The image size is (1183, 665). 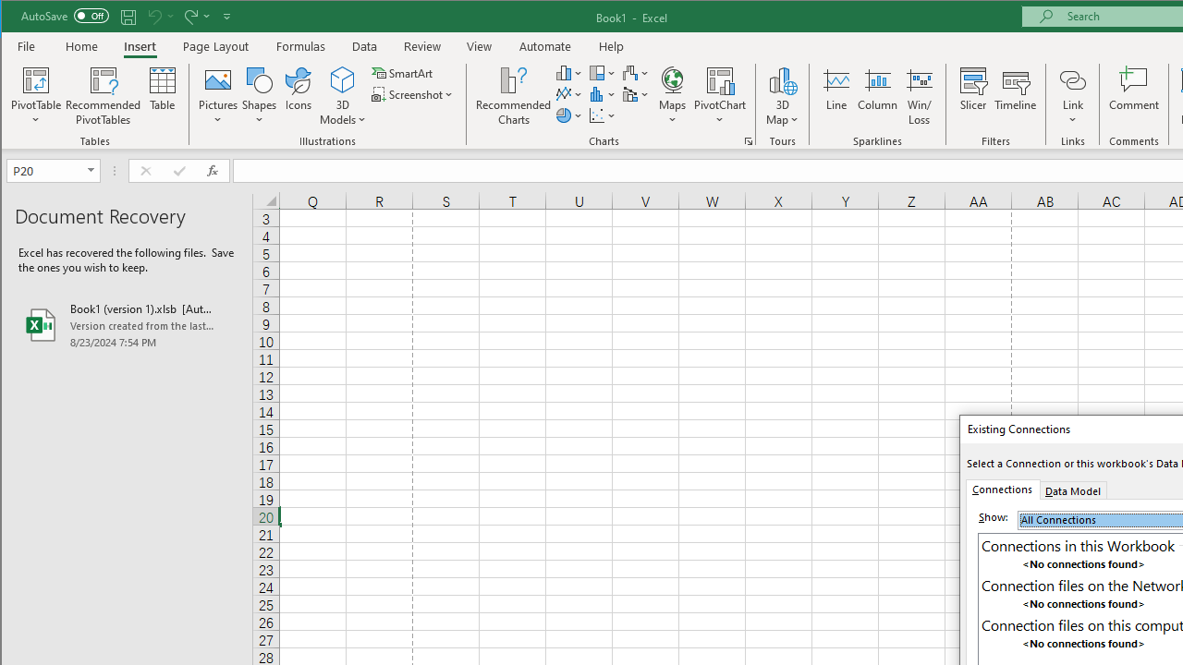 What do you see at coordinates (603, 115) in the screenshot?
I see `'Insert Scatter (X, Y) or Bubble Chart'` at bounding box center [603, 115].